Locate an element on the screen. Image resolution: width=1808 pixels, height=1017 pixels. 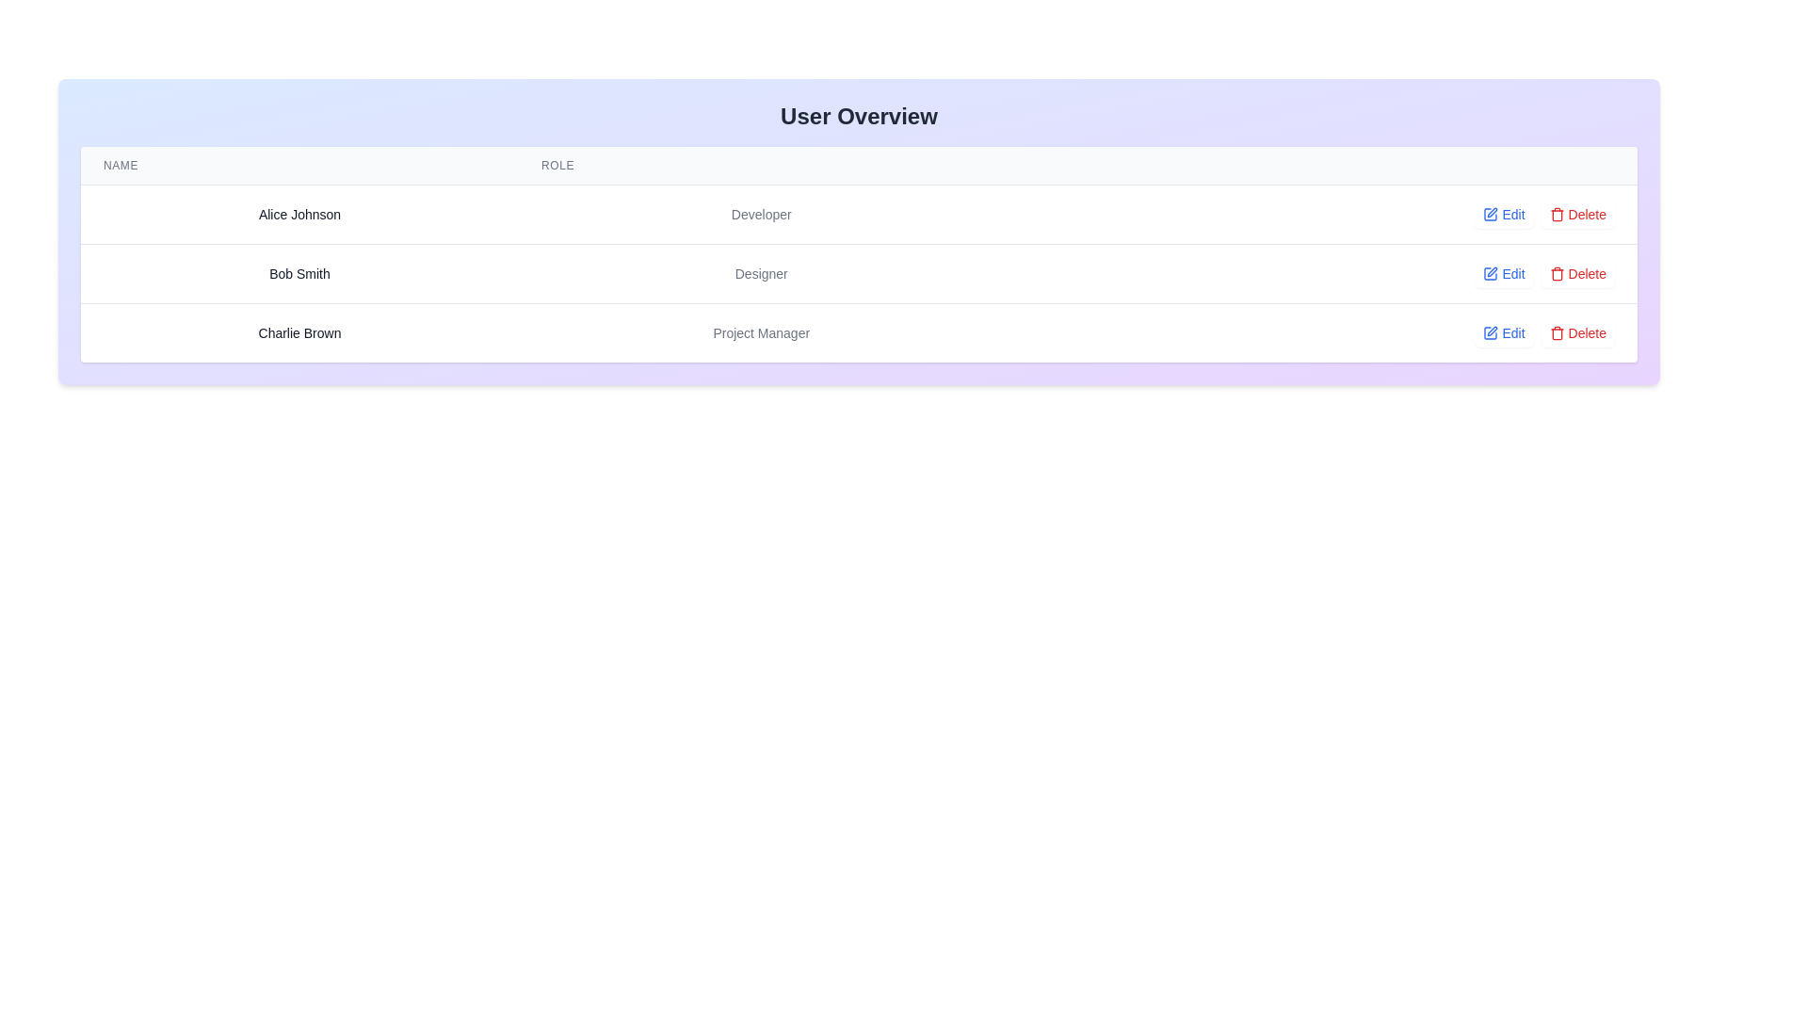
the text label 'Bob Smith' located in the second row under the 'NAME' column of the table is located at coordinates (299, 273).